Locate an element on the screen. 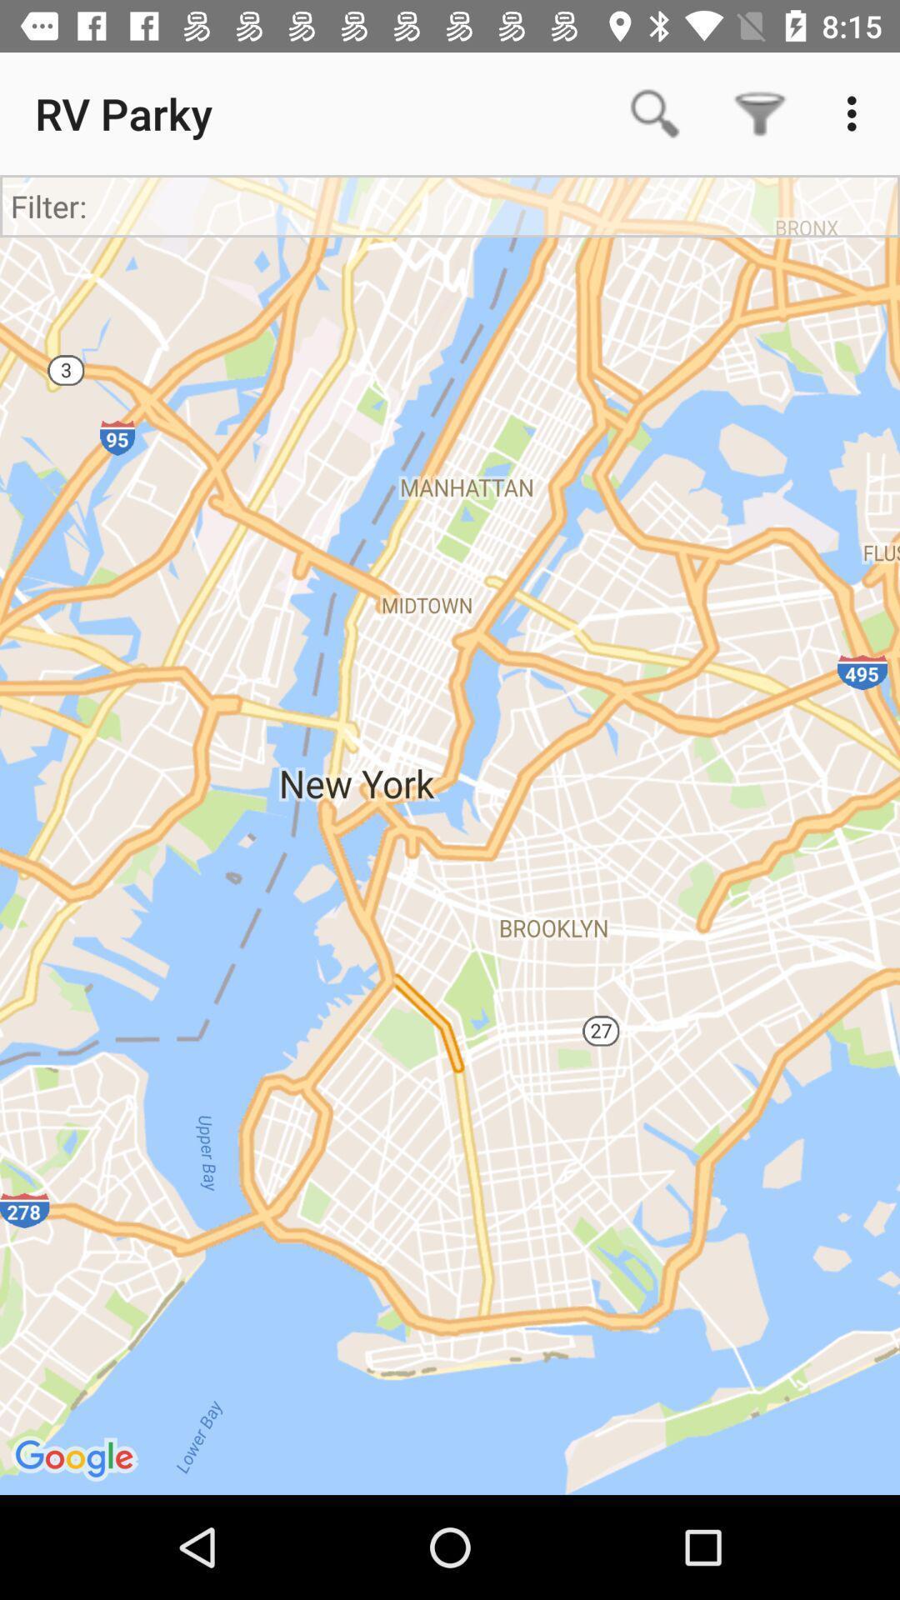 This screenshot has width=900, height=1600. app to the right of the rv parky is located at coordinates (654, 112).